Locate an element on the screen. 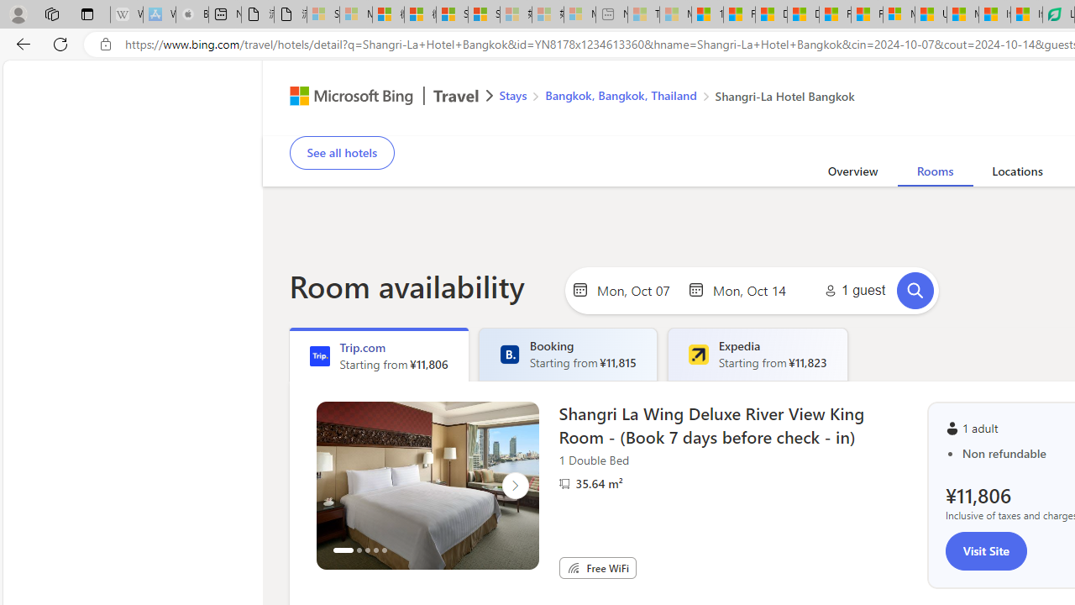  'Expedia' is located at coordinates (698, 353).